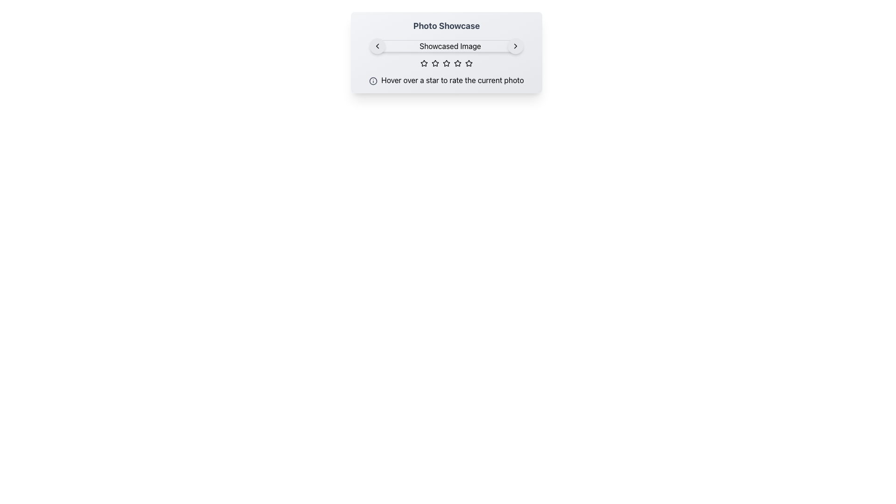 This screenshot has width=896, height=504. Describe the element at coordinates (515, 46) in the screenshot. I see `the chevron icon within the gray circular button located at the far right of the 'Showcased Image' box` at that location.